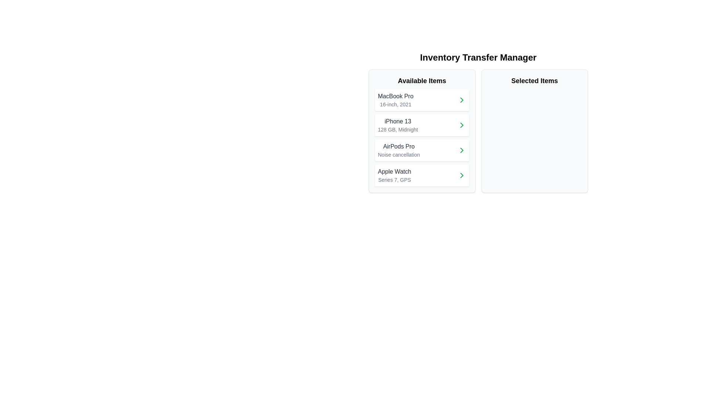 This screenshot has width=710, height=399. I want to click on the rightward-facing arrow icon associated with the 'iPhone 13 128 GB, Midnight' list item in the 'Available Items' panel of the 'Inventory Transfer Manager' interface, so click(461, 125).